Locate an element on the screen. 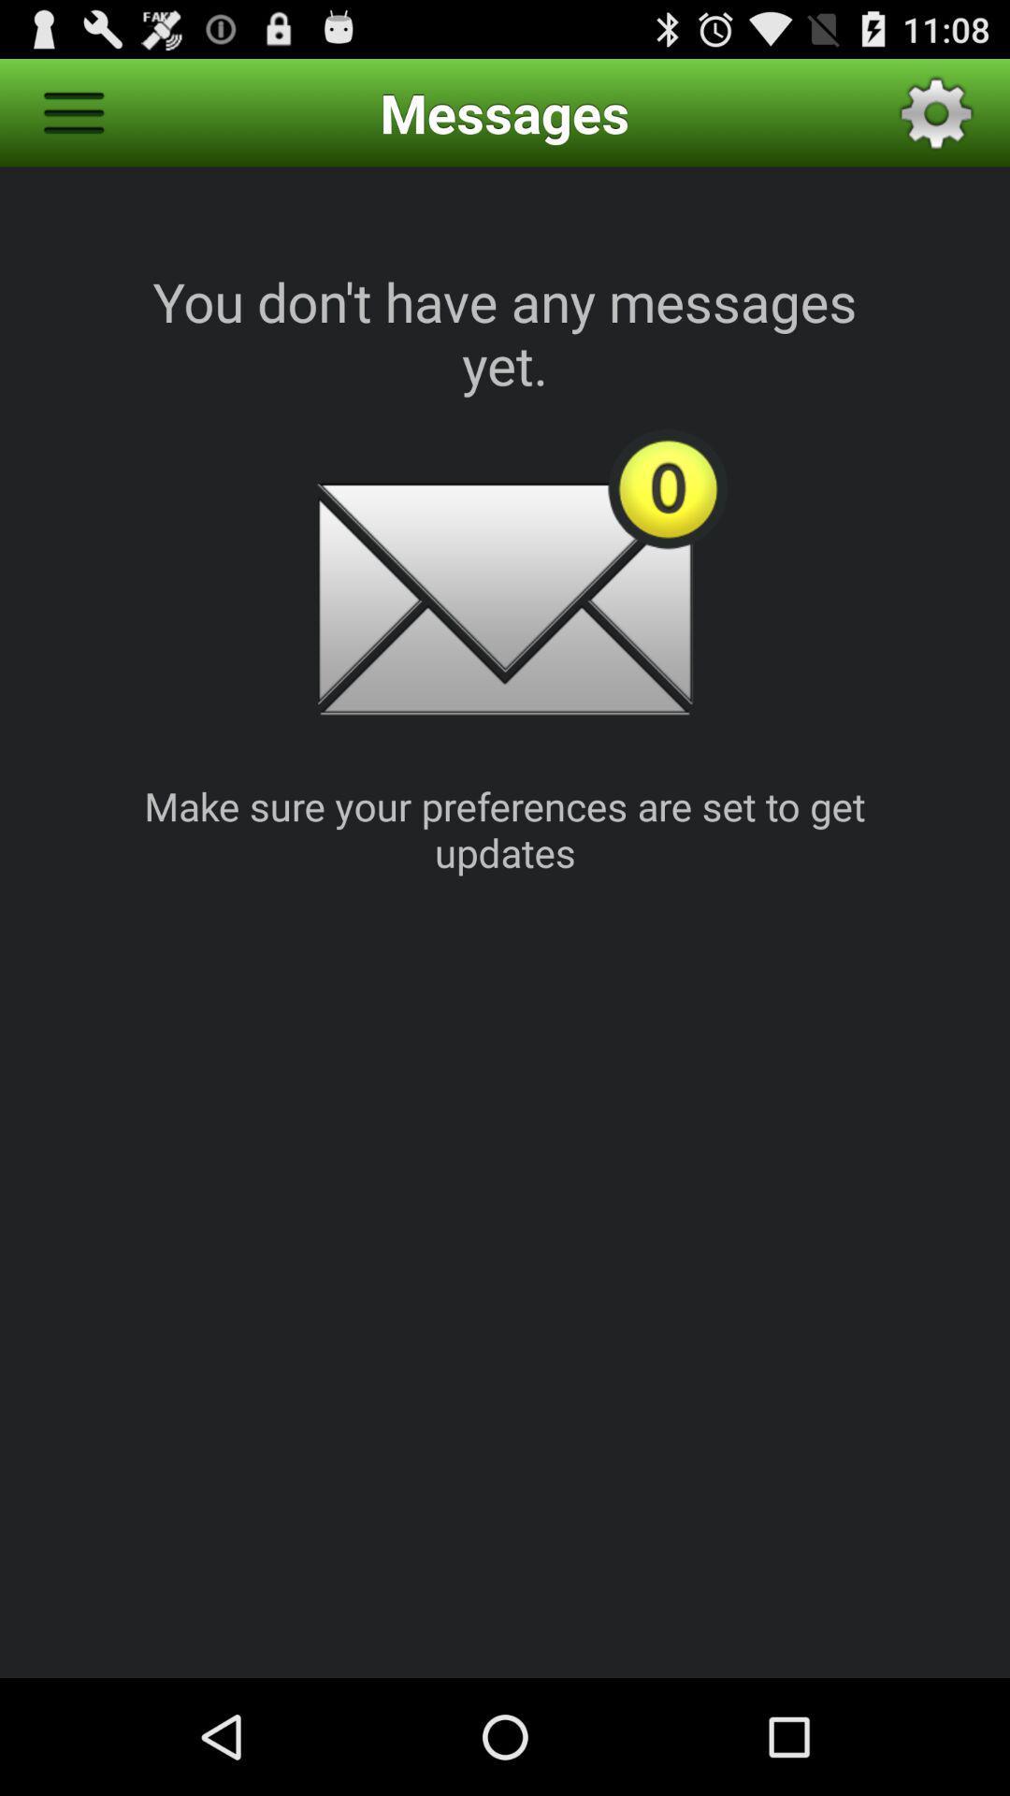 This screenshot has height=1796, width=1010. app above you don t app is located at coordinates (72, 111).